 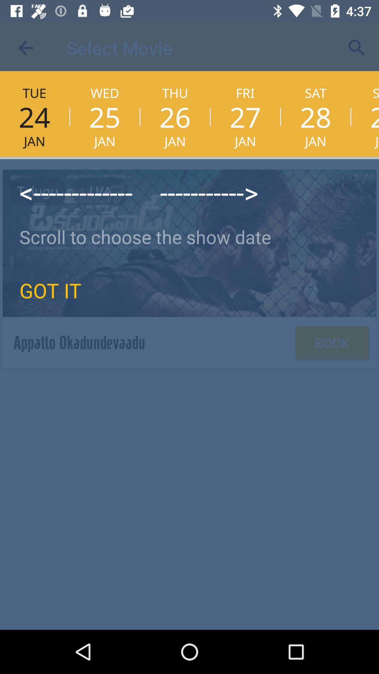 I want to click on the item to the left of the select movie item, so click(x=25, y=47).